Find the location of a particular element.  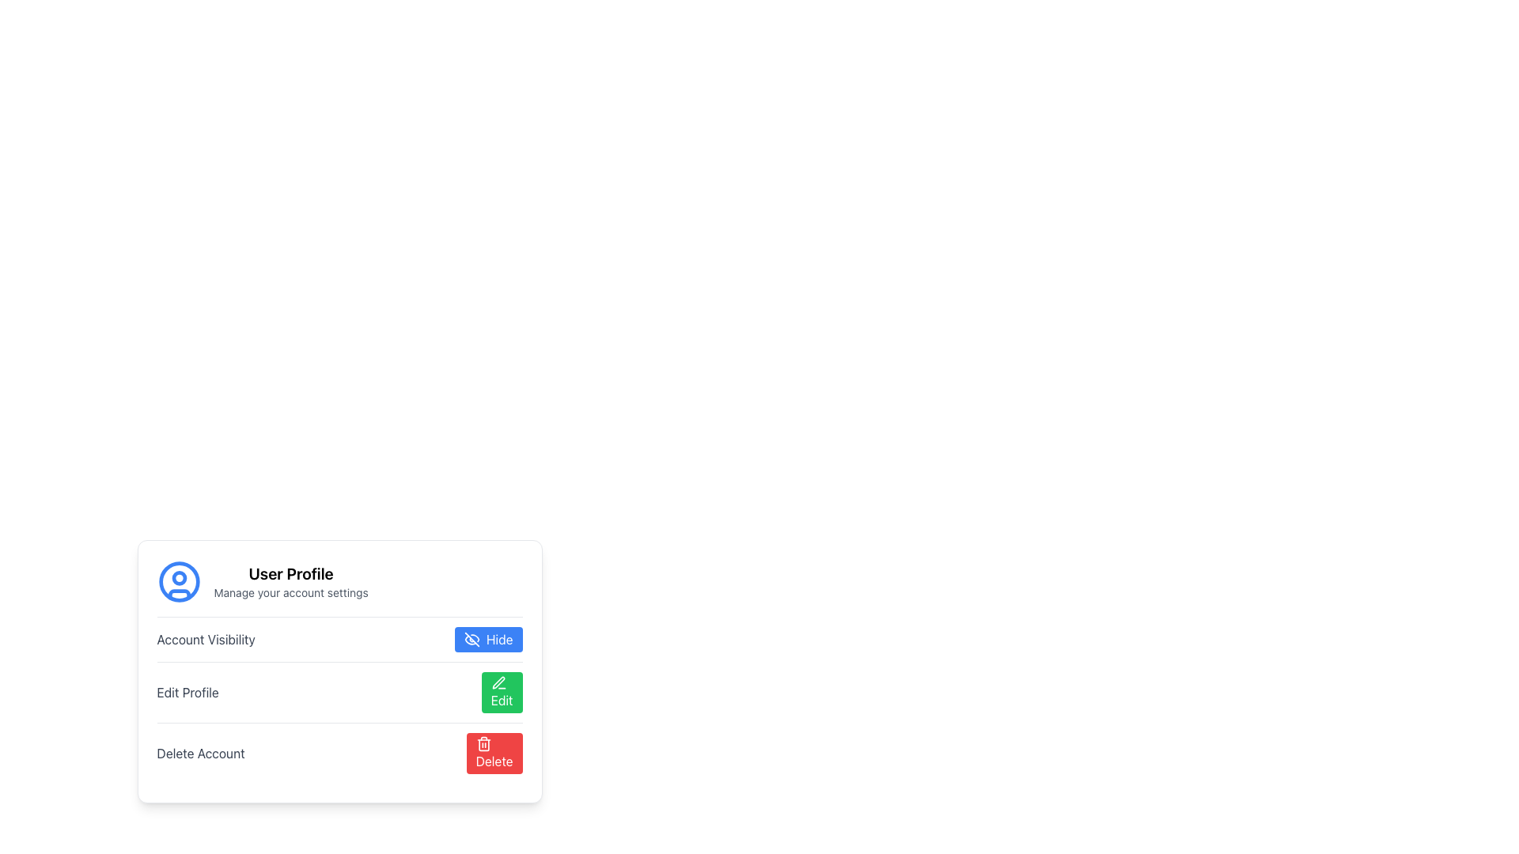

the trash bin icon located to the left of the 'Delete' text in the red button, positioned in the bottom-right corner of the interface, to trigger hover effects is located at coordinates (483, 744).